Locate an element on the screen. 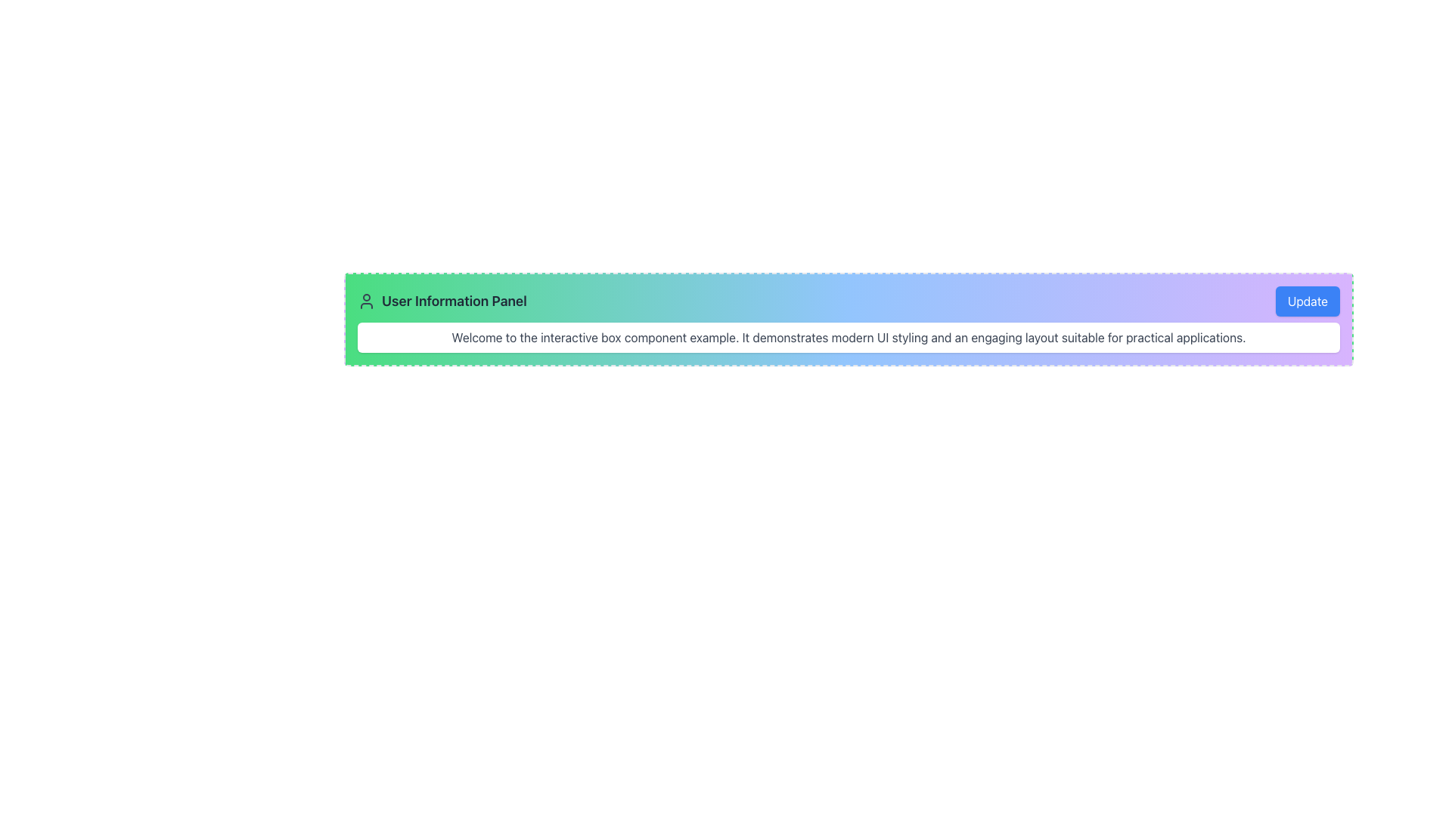 The width and height of the screenshot is (1452, 816). the user silhouette icon located to the left of the 'User Information Panel' heading is located at coordinates (366, 301).